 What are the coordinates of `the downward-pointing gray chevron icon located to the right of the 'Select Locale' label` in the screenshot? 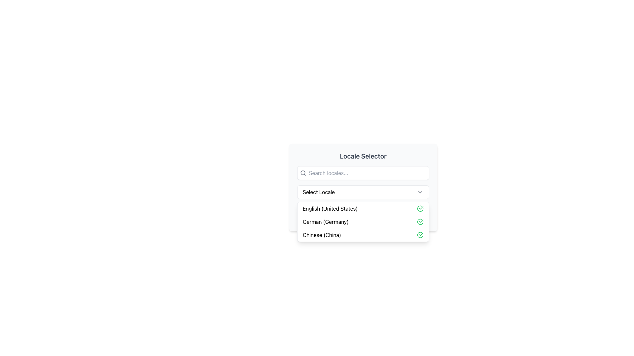 It's located at (420, 192).